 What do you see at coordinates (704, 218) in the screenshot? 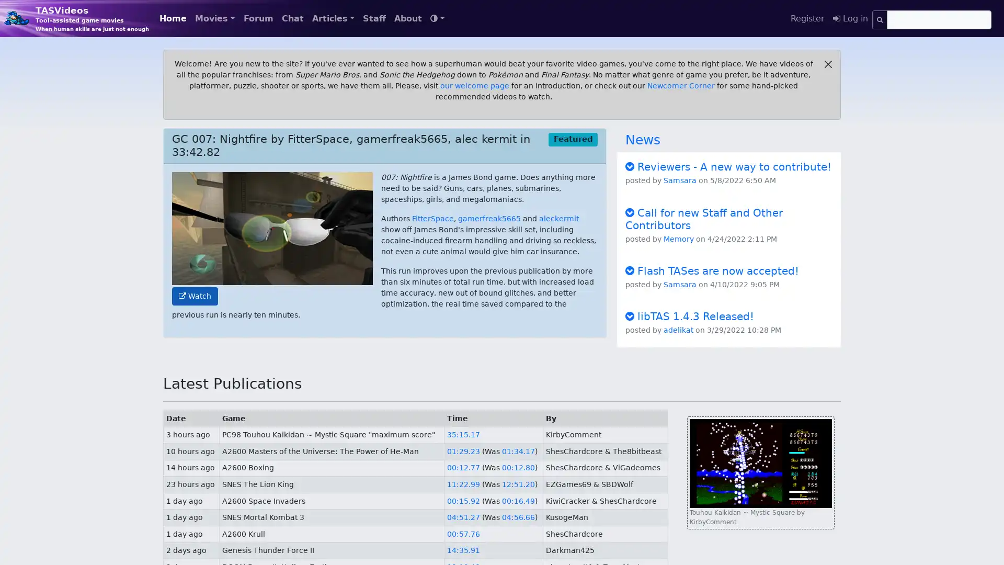
I see `Call for new Staff and Other Contributors` at bounding box center [704, 218].